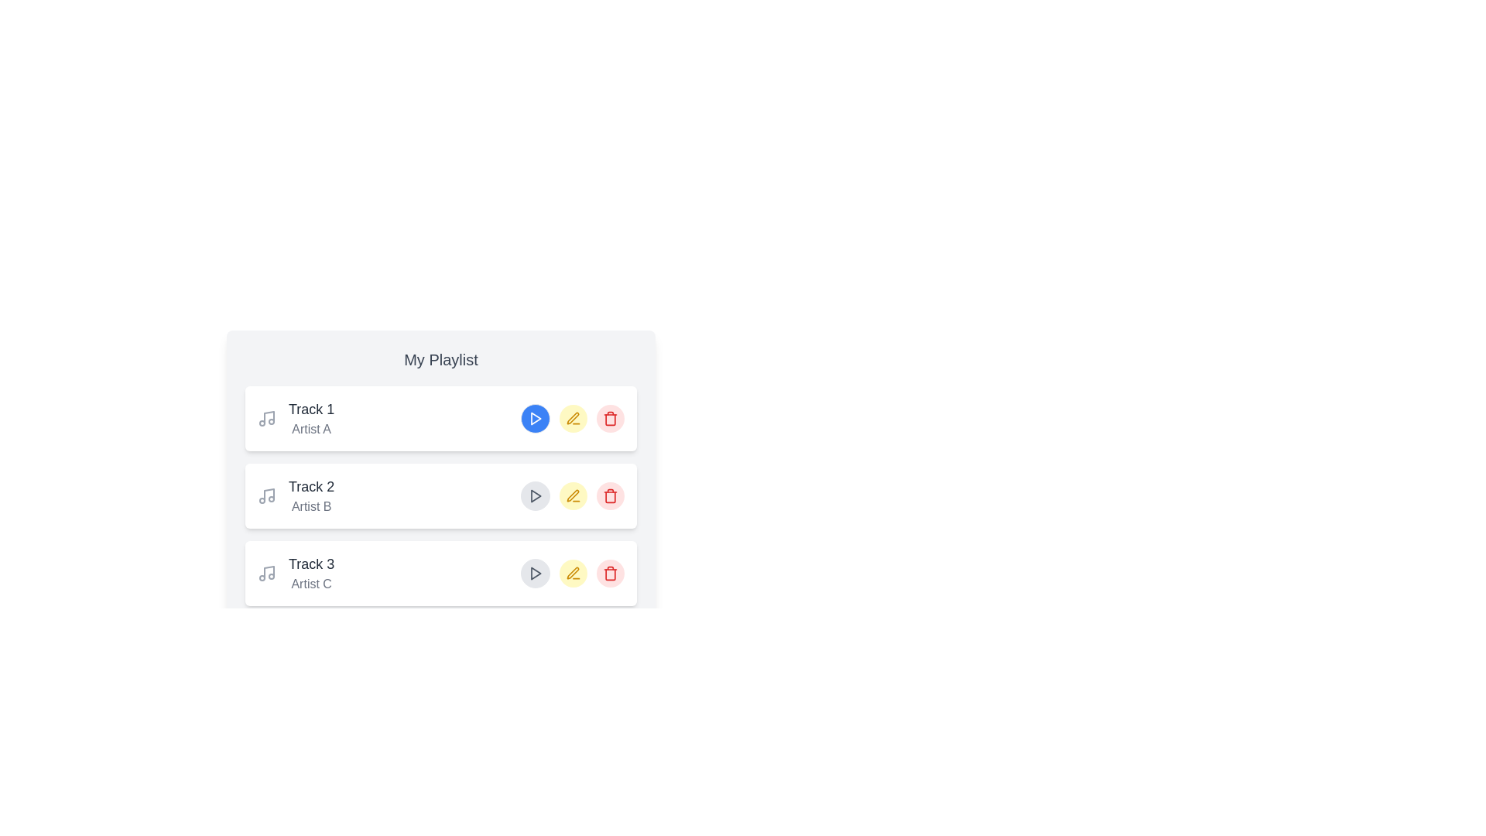  I want to click on the track to view its title and artist information, so click(296, 418).